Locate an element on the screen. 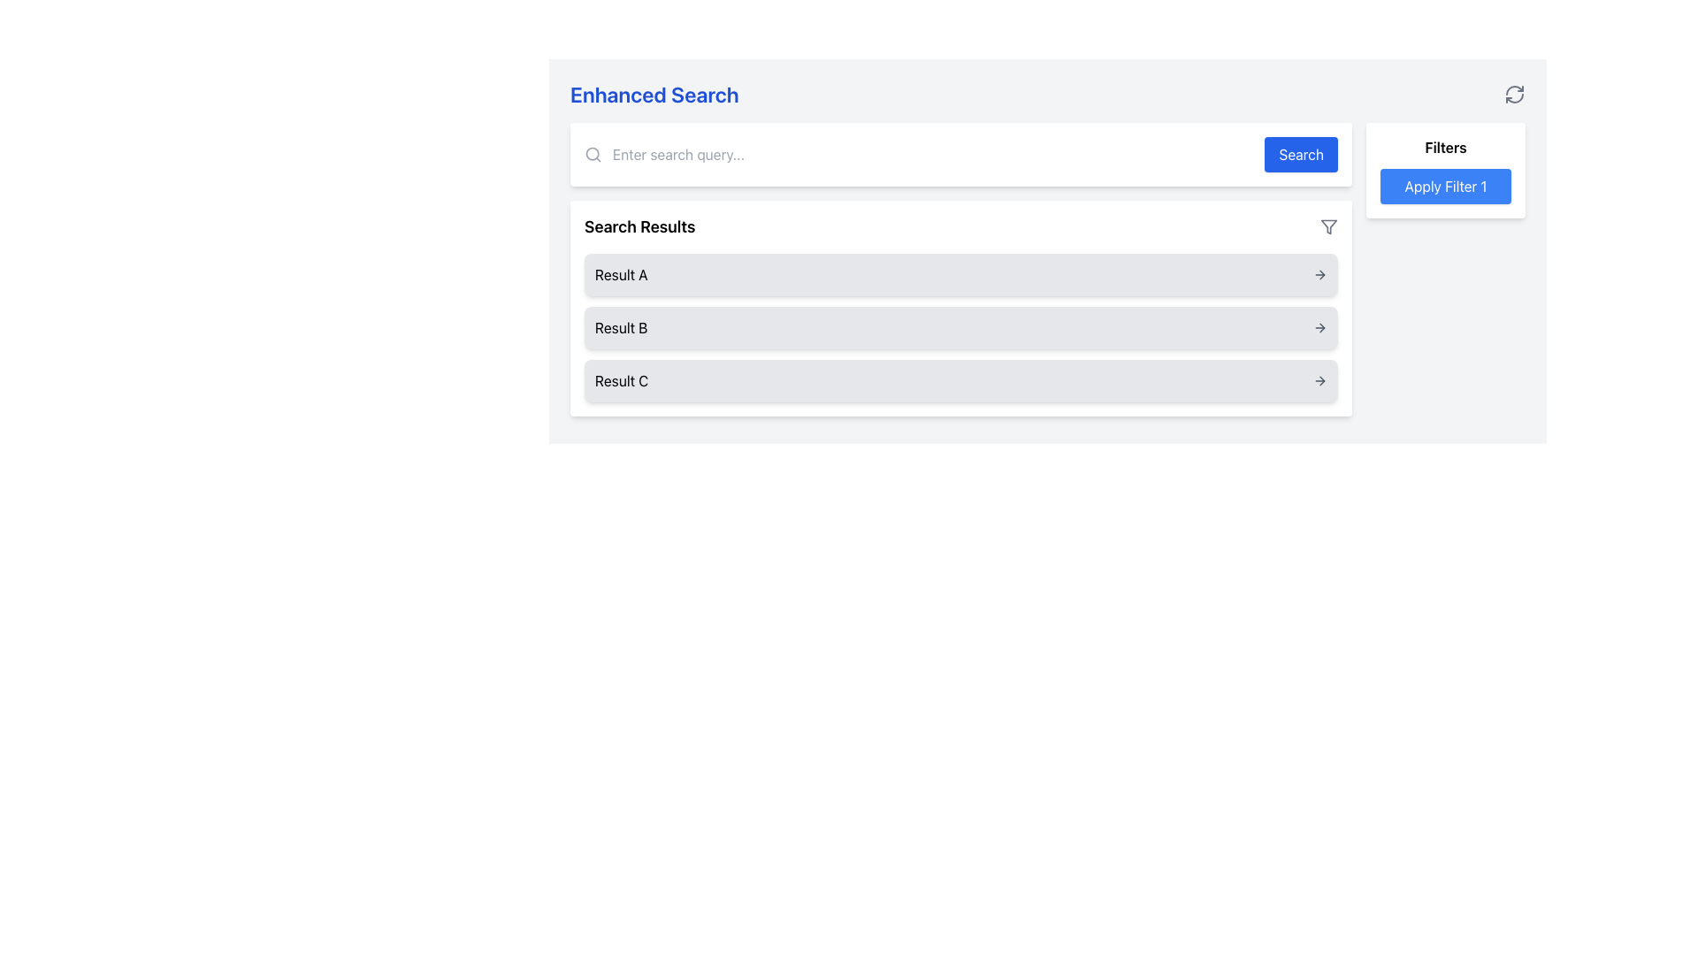 This screenshot has width=1698, height=955. design of the filtering icon located in the upper-right corner of the 'Search Results' section, above the list of results and next to the 'Apply Filter 1' button for visual clarity is located at coordinates (1328, 226).